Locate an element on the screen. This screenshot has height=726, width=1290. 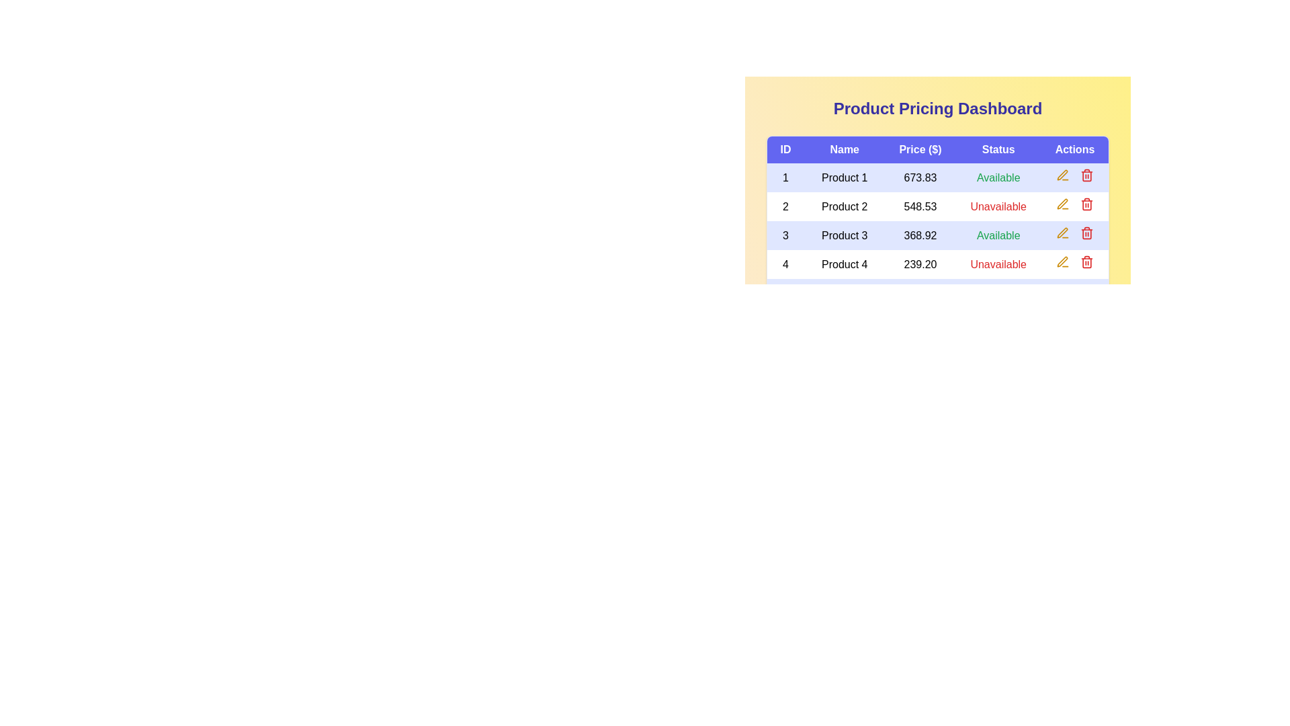
the 'Edit' button for product 2 is located at coordinates (1062, 204).